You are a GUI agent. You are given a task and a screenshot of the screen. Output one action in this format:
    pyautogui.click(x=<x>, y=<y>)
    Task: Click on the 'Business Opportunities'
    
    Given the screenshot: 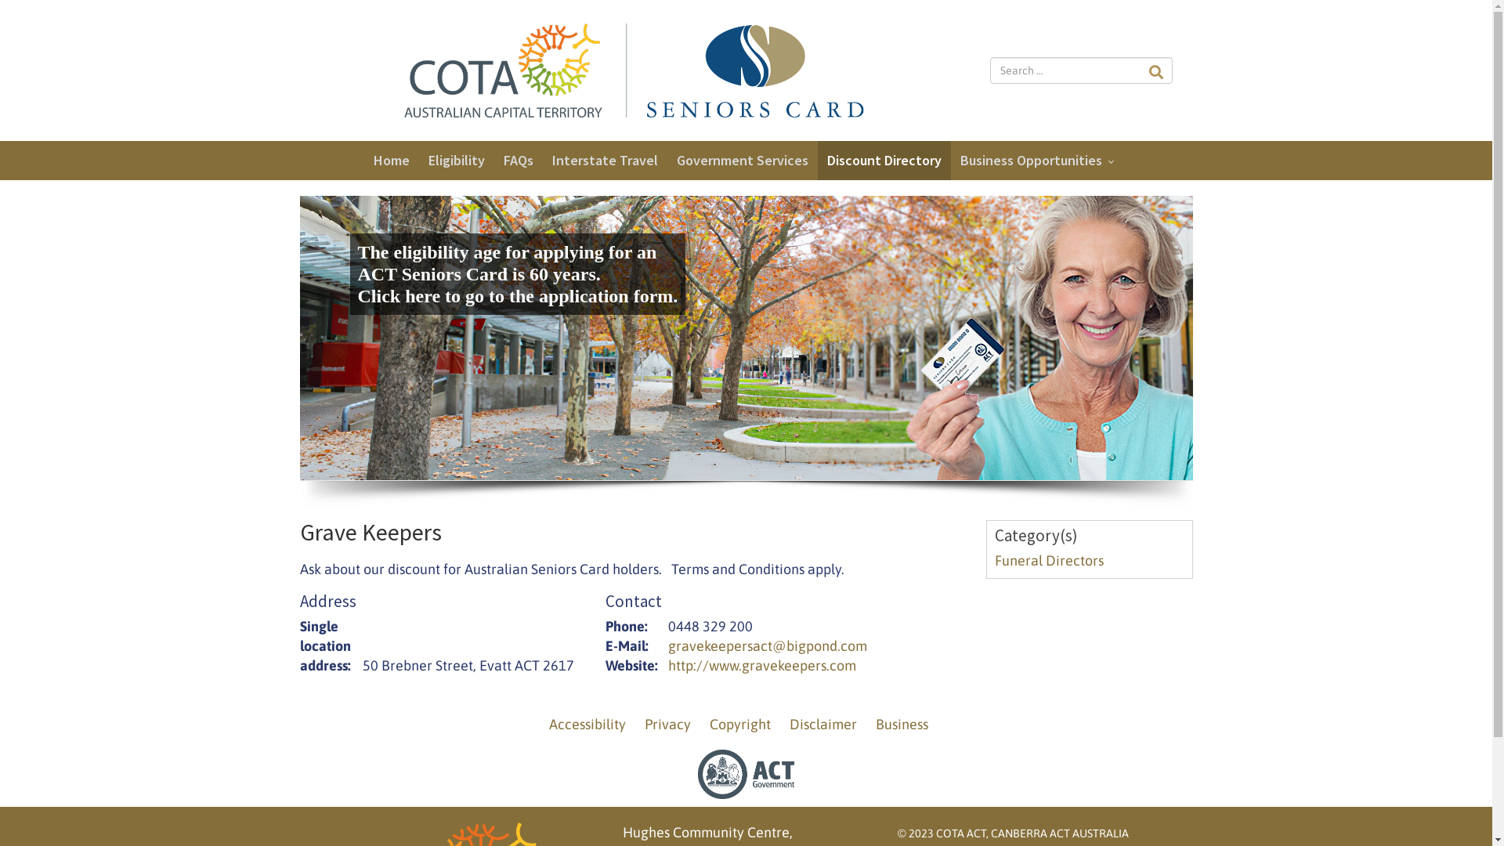 What is the action you would take?
    pyautogui.click(x=1039, y=160)
    